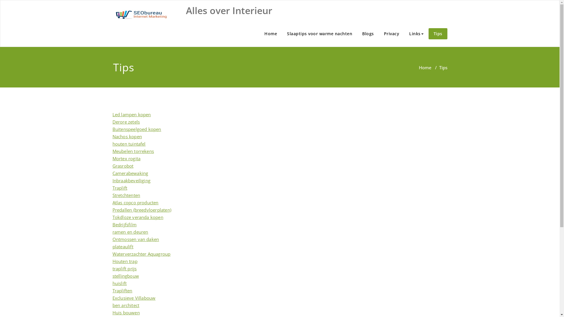 The image size is (564, 317). Describe the element at coordinates (126, 158) in the screenshot. I see `'Mortex rogita'` at that location.